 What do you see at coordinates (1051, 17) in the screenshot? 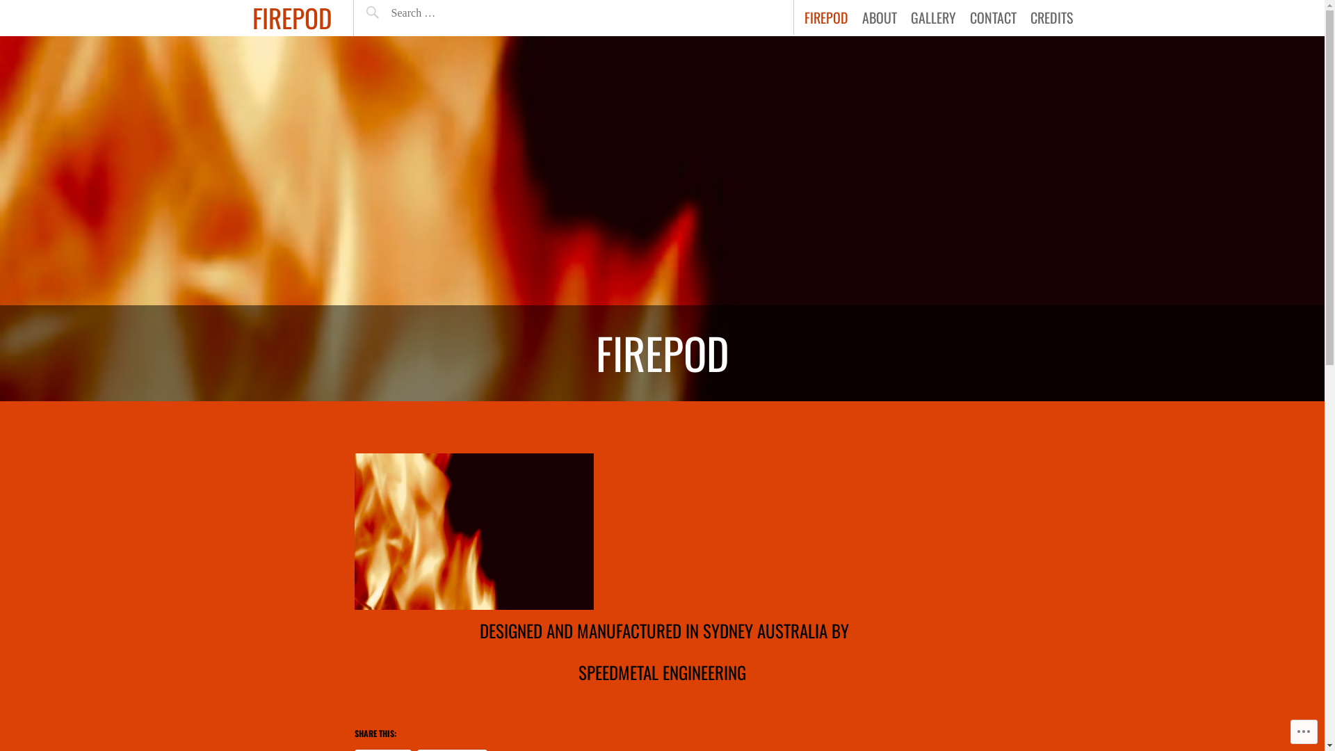
I see `'CREDITS'` at bounding box center [1051, 17].